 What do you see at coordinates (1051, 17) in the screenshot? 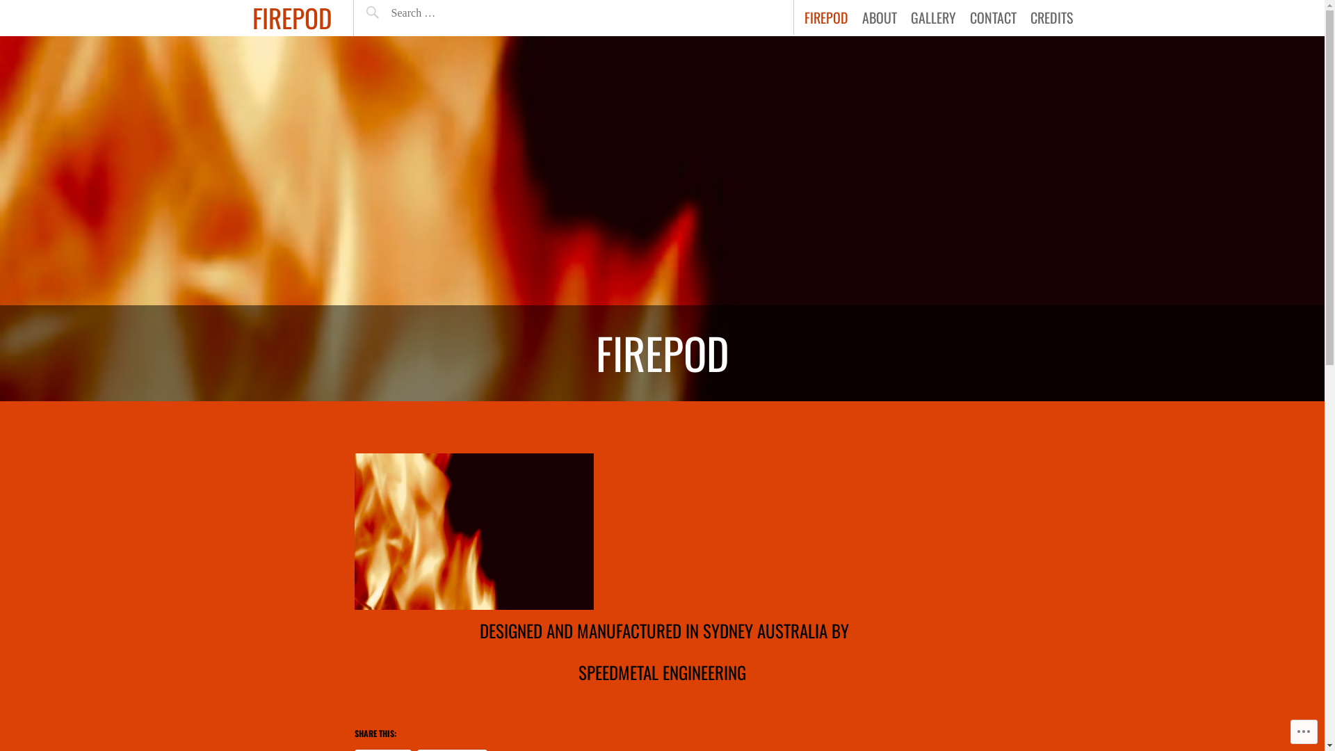
I see `'CREDITS'` at bounding box center [1051, 17].